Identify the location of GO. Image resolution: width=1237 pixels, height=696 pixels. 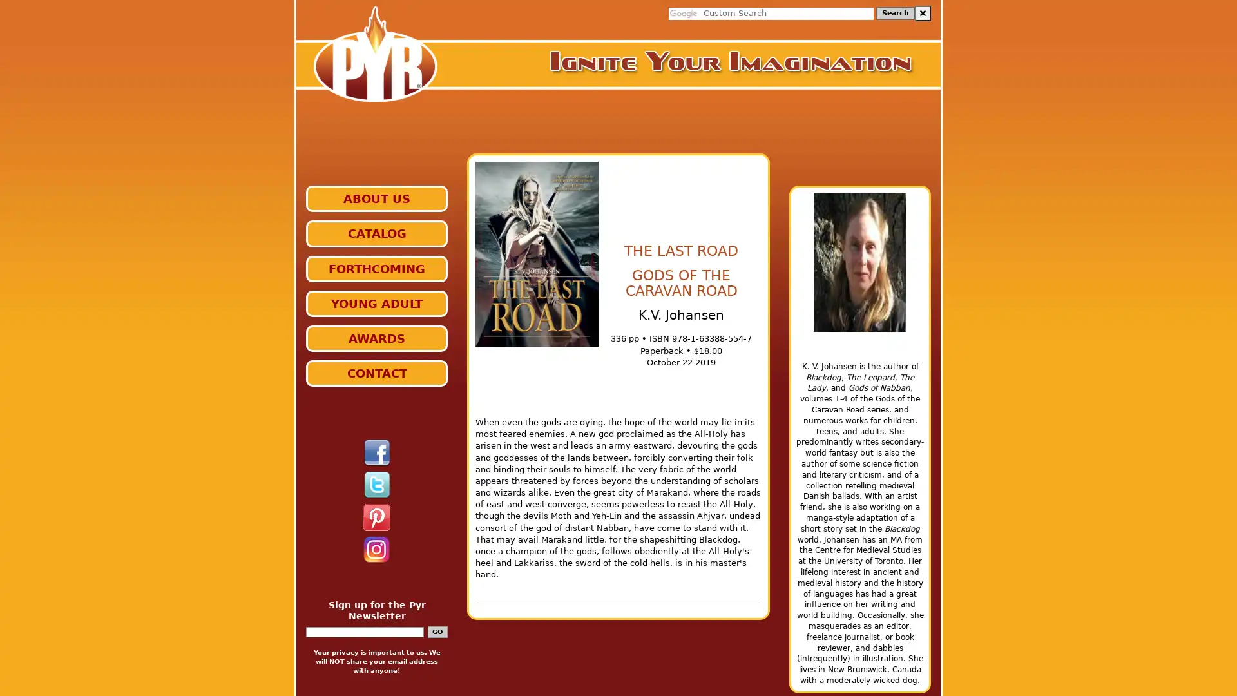
(437, 630).